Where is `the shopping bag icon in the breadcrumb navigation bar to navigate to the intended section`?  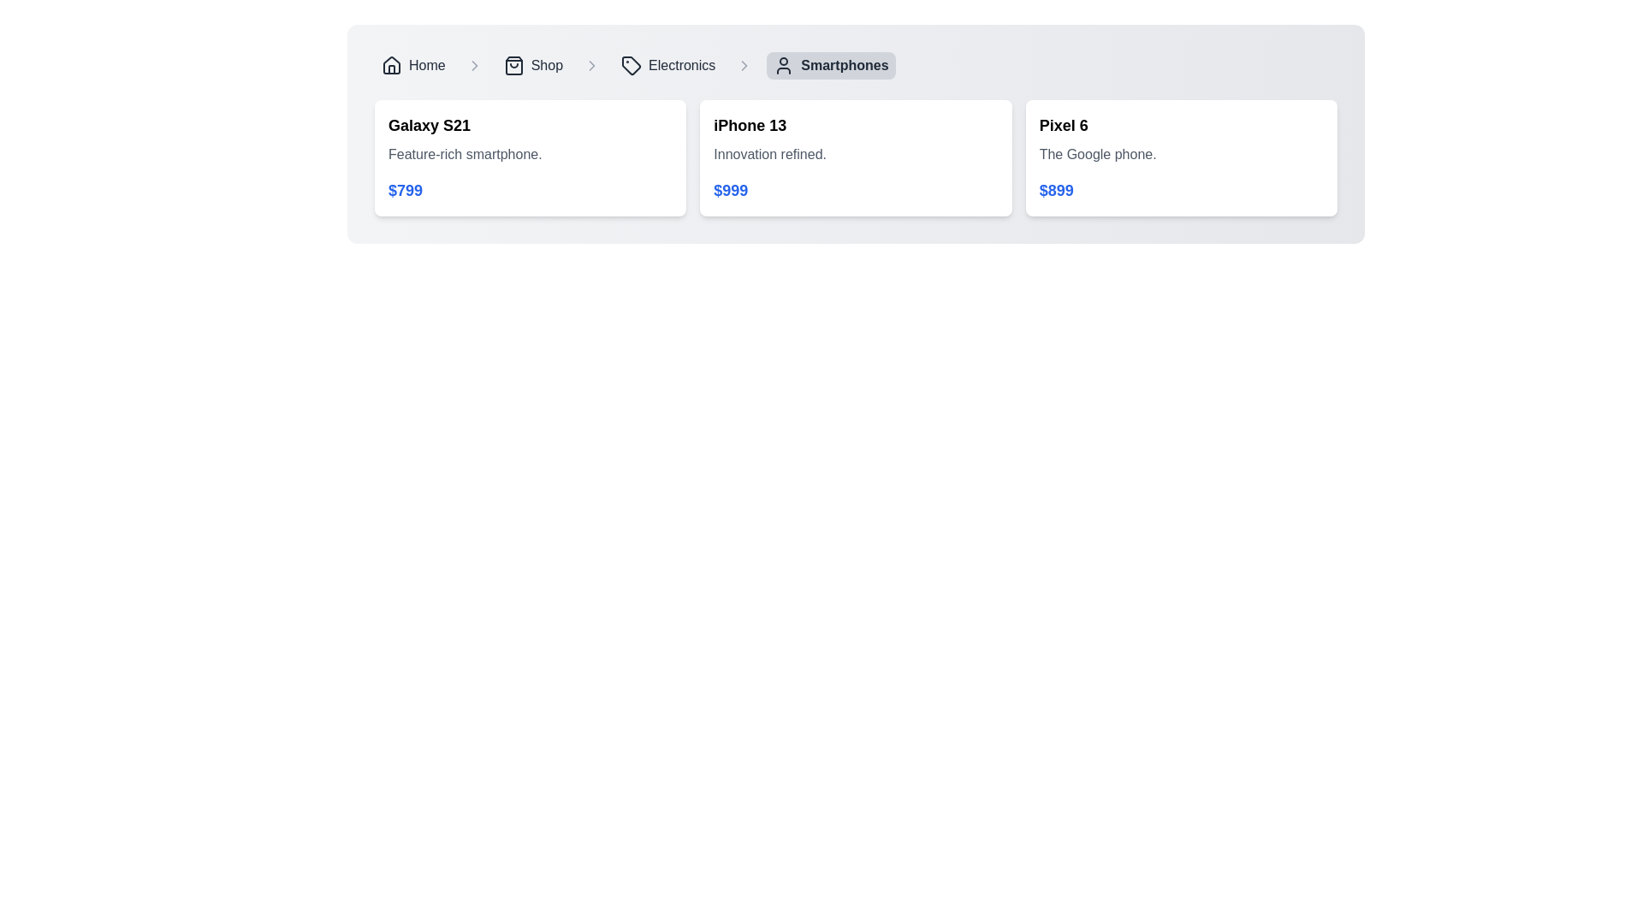
the shopping bag icon in the breadcrumb navigation bar to navigate to the intended section is located at coordinates (513, 65).